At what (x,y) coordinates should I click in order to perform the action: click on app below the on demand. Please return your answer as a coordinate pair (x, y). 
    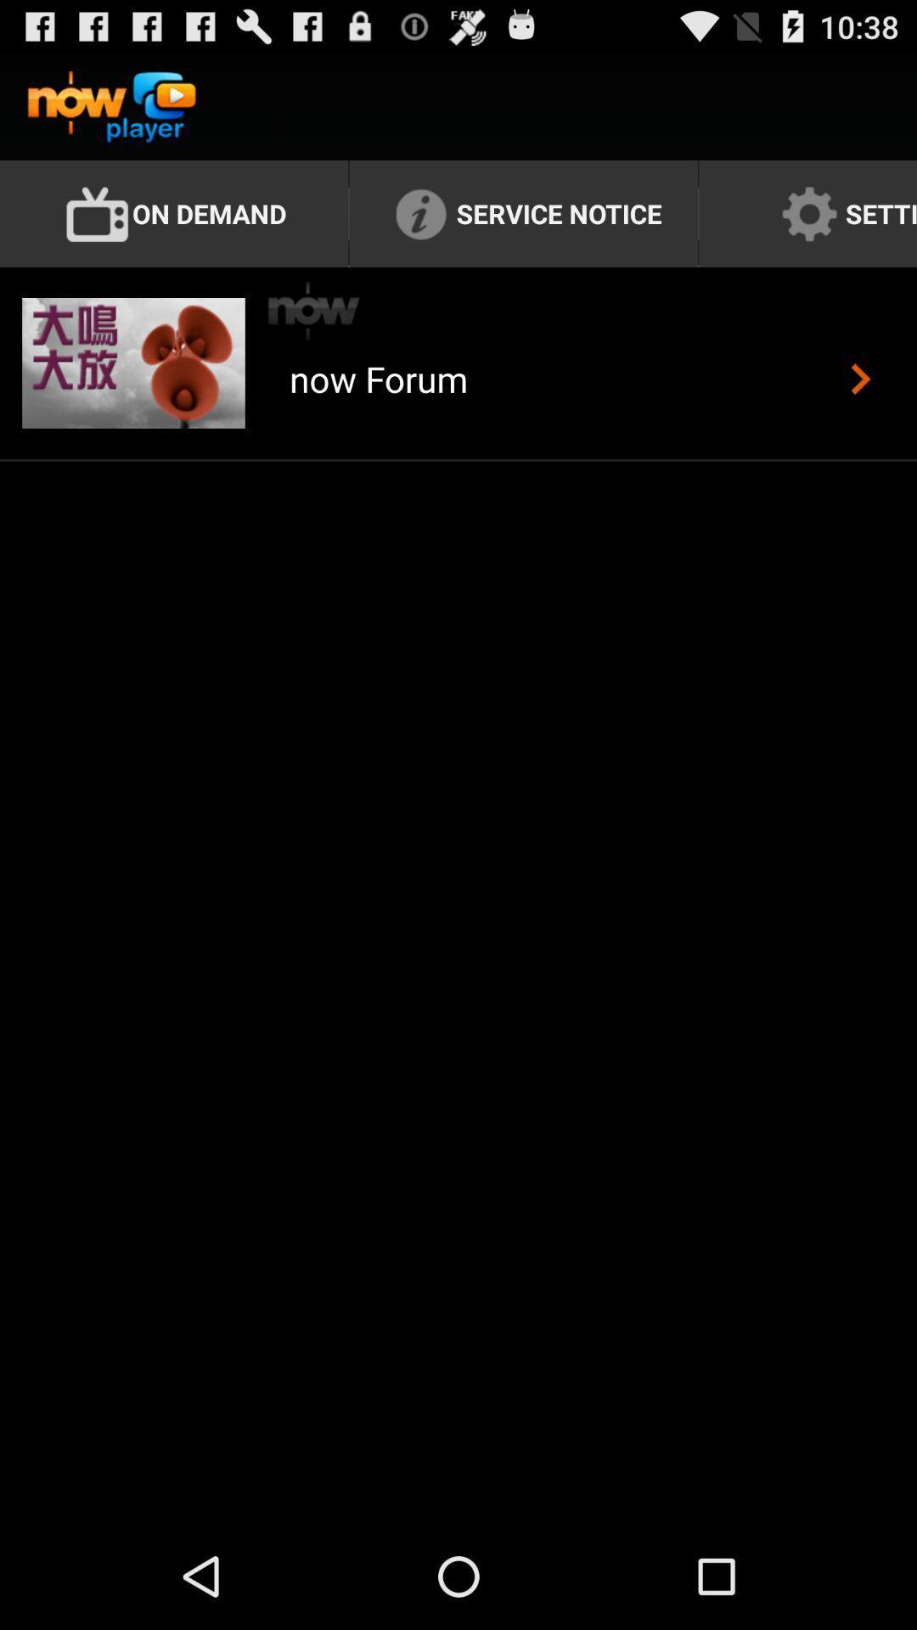
    Looking at the image, I should click on (314, 311).